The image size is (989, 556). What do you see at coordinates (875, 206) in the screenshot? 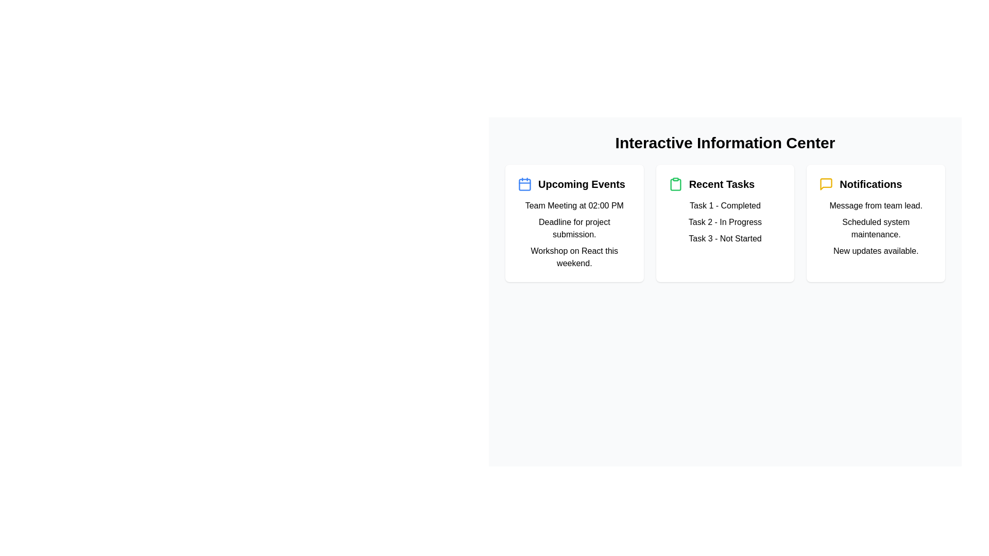
I see `text content 'Message from team lead.' displayed in the Notifications section of the structured list` at bounding box center [875, 206].